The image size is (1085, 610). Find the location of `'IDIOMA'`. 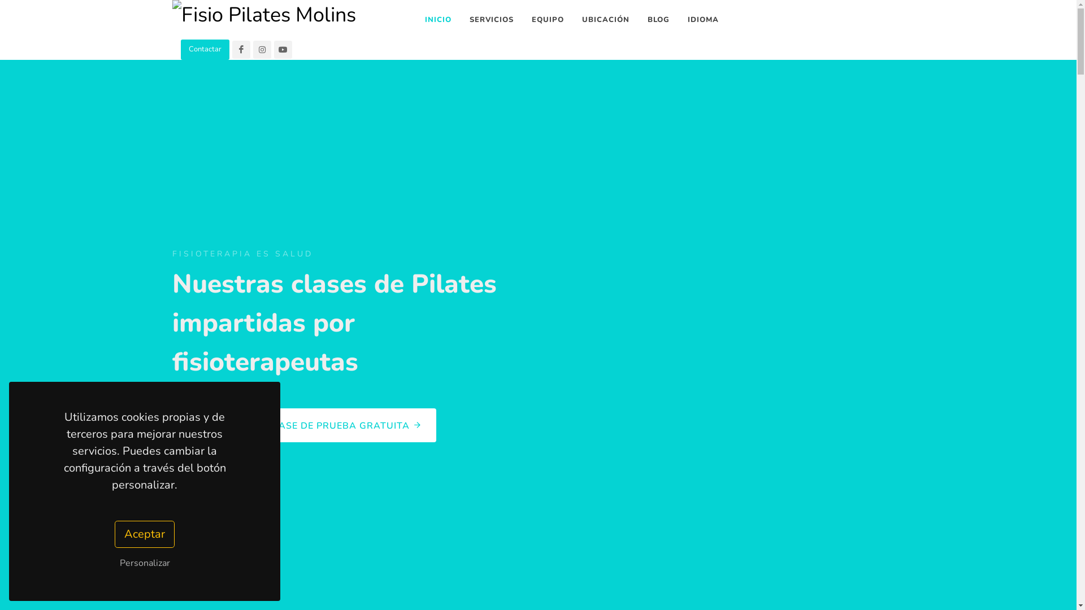

'IDIOMA' is located at coordinates (702, 19).